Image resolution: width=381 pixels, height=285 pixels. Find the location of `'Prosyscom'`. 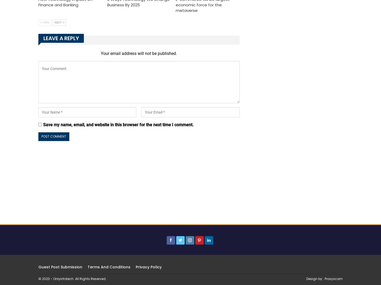

'Prosyscom' is located at coordinates (324, 278).